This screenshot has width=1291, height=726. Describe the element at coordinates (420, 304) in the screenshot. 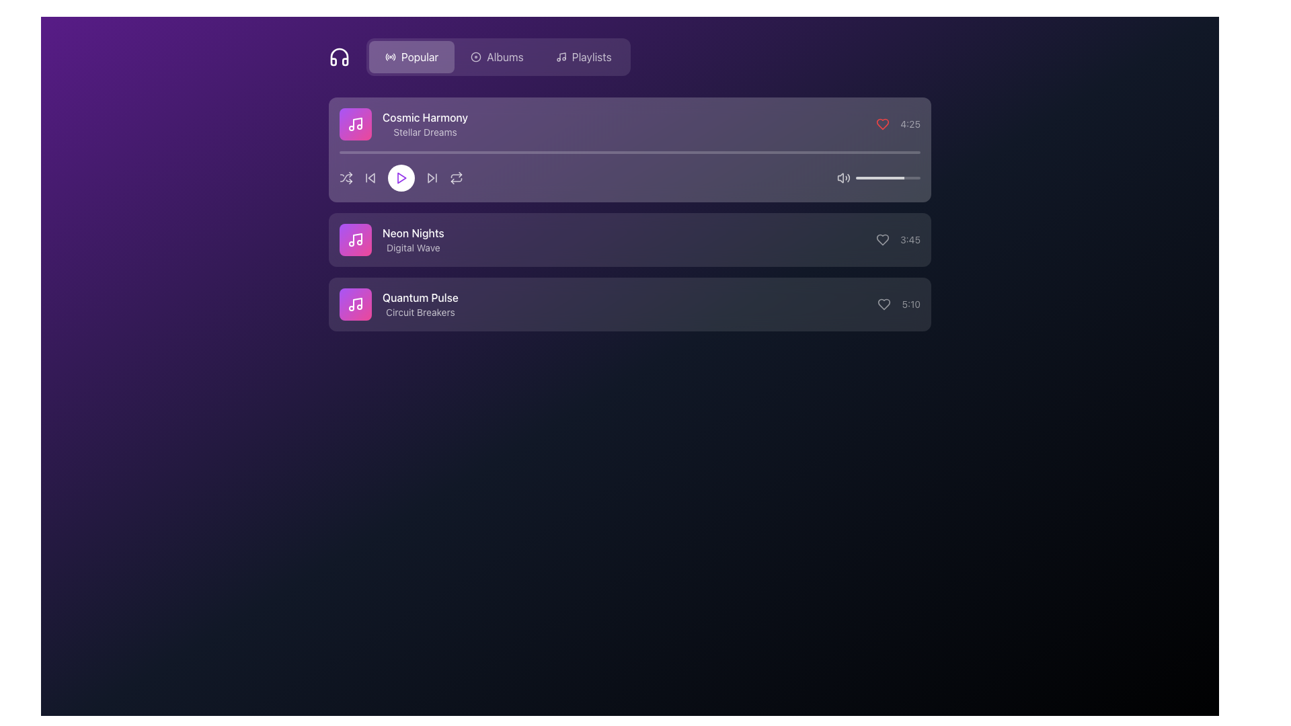

I see `the 'Quantum Pulse' text label, which features a bold white font for the title and a lighter gray subtitle 'Circuit Breakers', located` at that location.